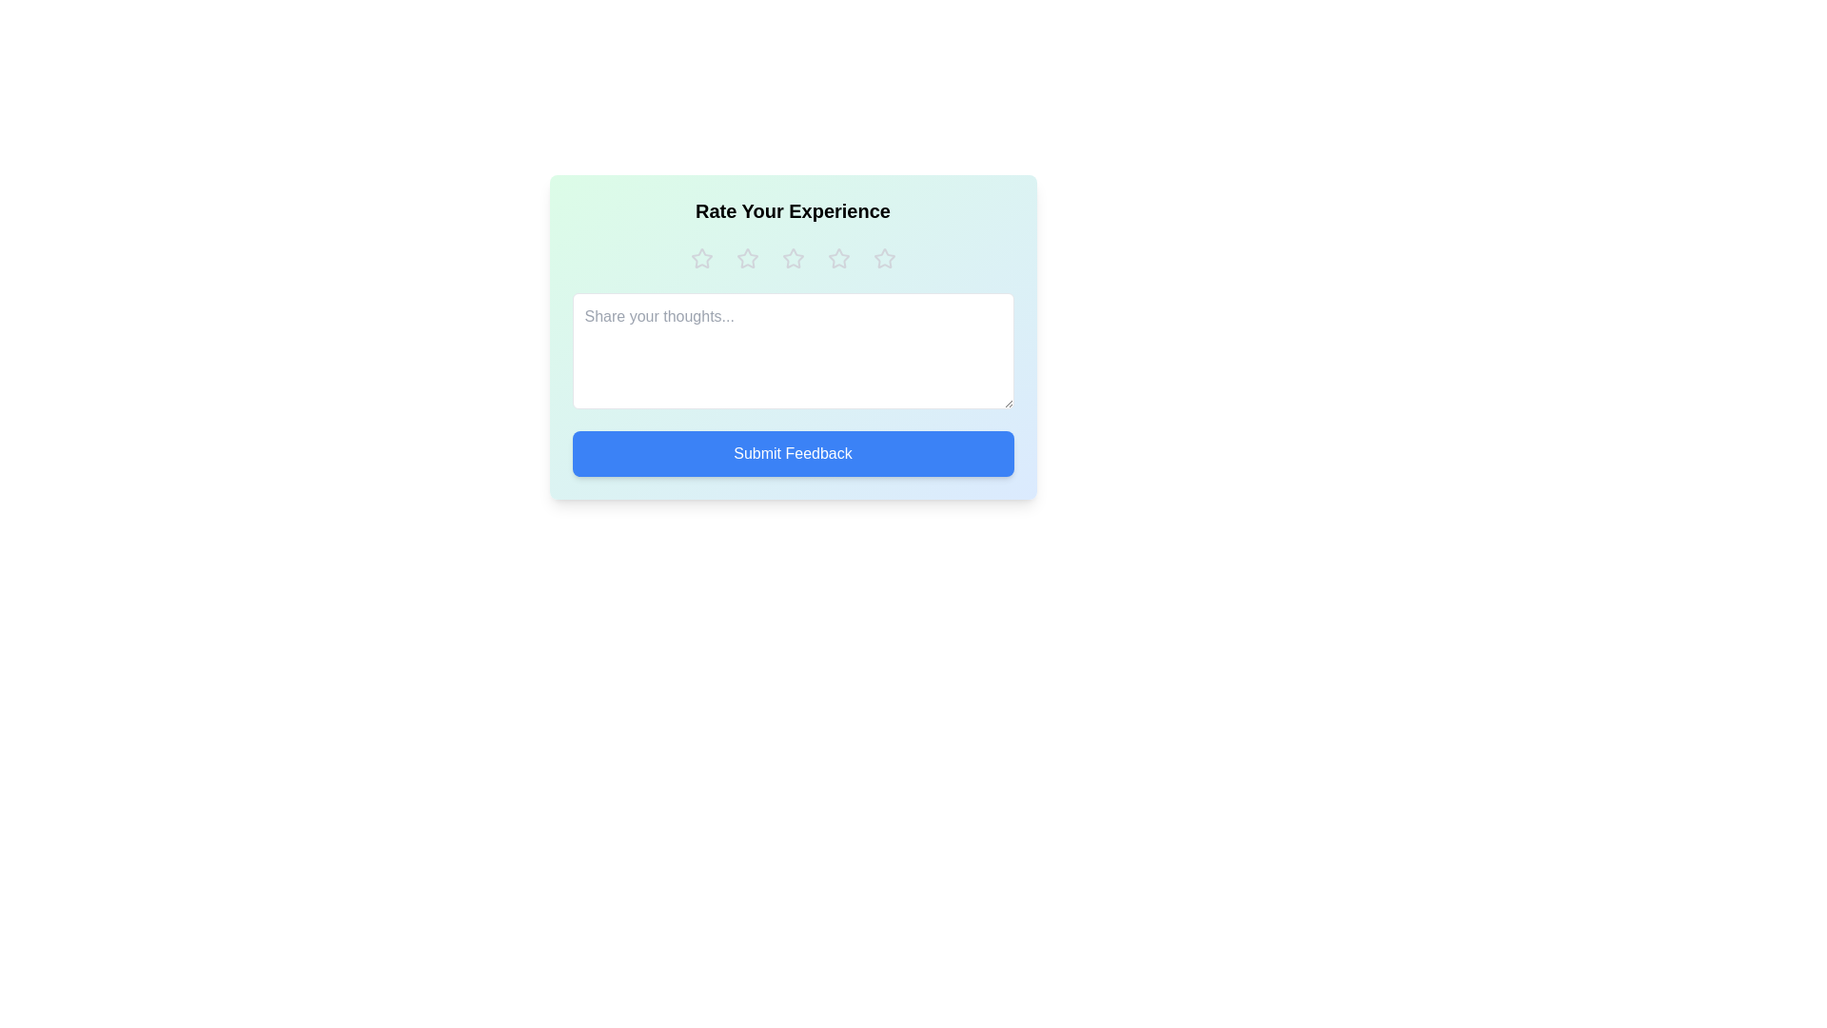 The image size is (1827, 1028). Describe the element at coordinates (793, 259) in the screenshot. I see `the rating to 3 stars by clicking on the respective star` at that location.